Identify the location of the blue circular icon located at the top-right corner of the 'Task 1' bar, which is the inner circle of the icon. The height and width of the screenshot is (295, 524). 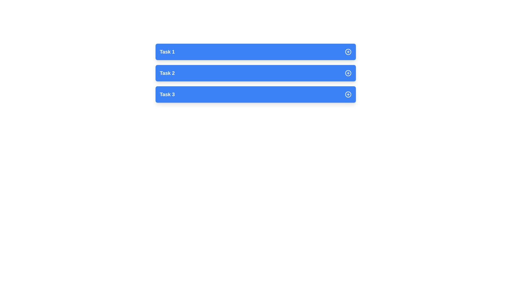
(348, 52).